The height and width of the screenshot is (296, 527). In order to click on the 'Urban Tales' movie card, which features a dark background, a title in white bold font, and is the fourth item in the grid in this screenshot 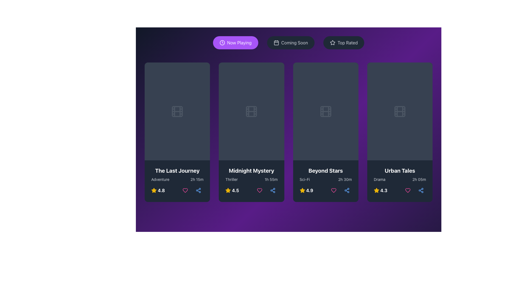, I will do `click(400, 132)`.